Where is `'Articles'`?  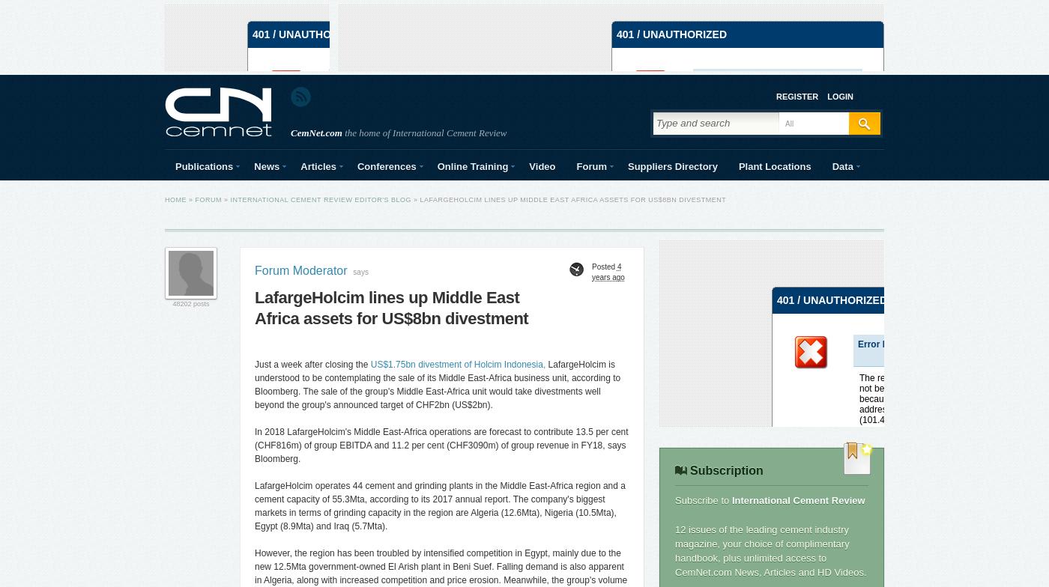 'Articles' is located at coordinates (318, 166).